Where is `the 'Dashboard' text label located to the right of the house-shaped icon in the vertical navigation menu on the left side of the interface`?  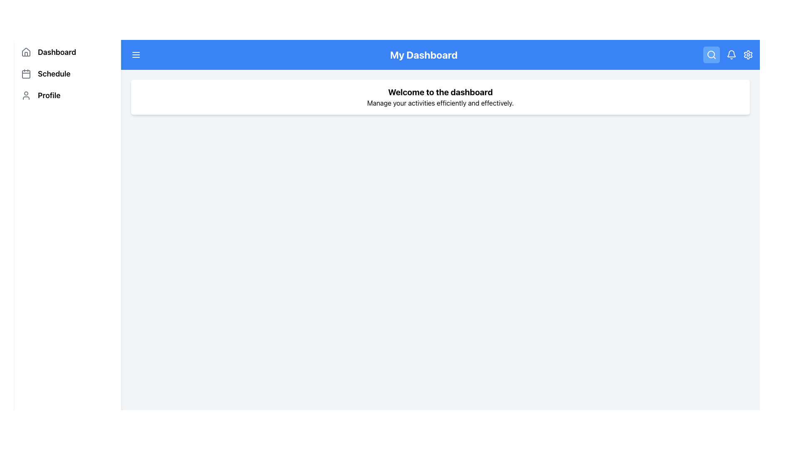
the 'Dashboard' text label located to the right of the house-shaped icon in the vertical navigation menu on the left side of the interface is located at coordinates (57, 52).